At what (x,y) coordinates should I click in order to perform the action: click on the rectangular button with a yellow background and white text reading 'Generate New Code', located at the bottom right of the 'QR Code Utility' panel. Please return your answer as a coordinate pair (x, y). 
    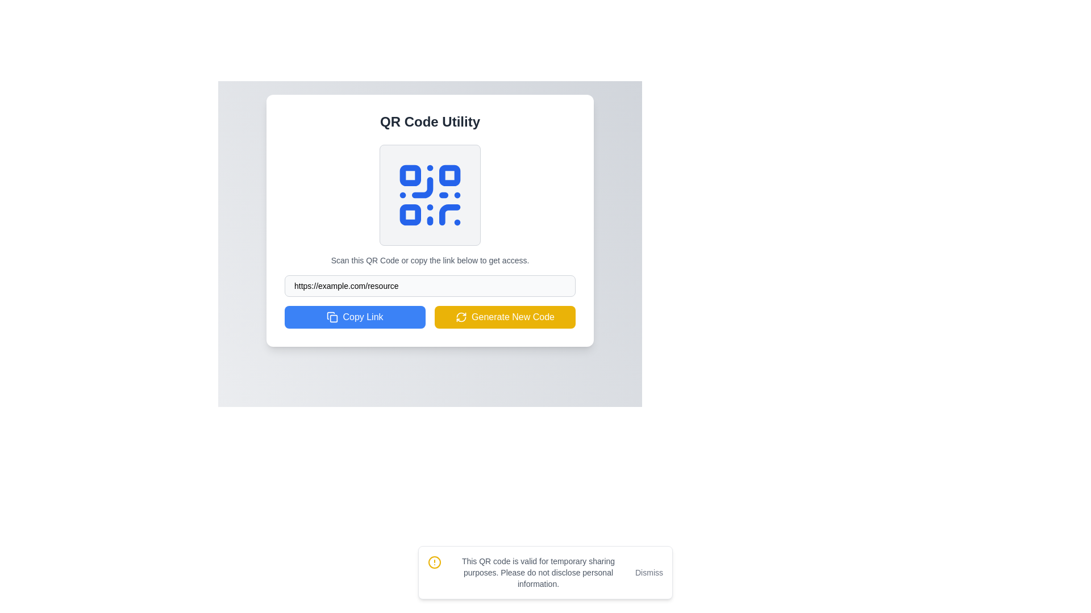
    Looking at the image, I should click on (504, 317).